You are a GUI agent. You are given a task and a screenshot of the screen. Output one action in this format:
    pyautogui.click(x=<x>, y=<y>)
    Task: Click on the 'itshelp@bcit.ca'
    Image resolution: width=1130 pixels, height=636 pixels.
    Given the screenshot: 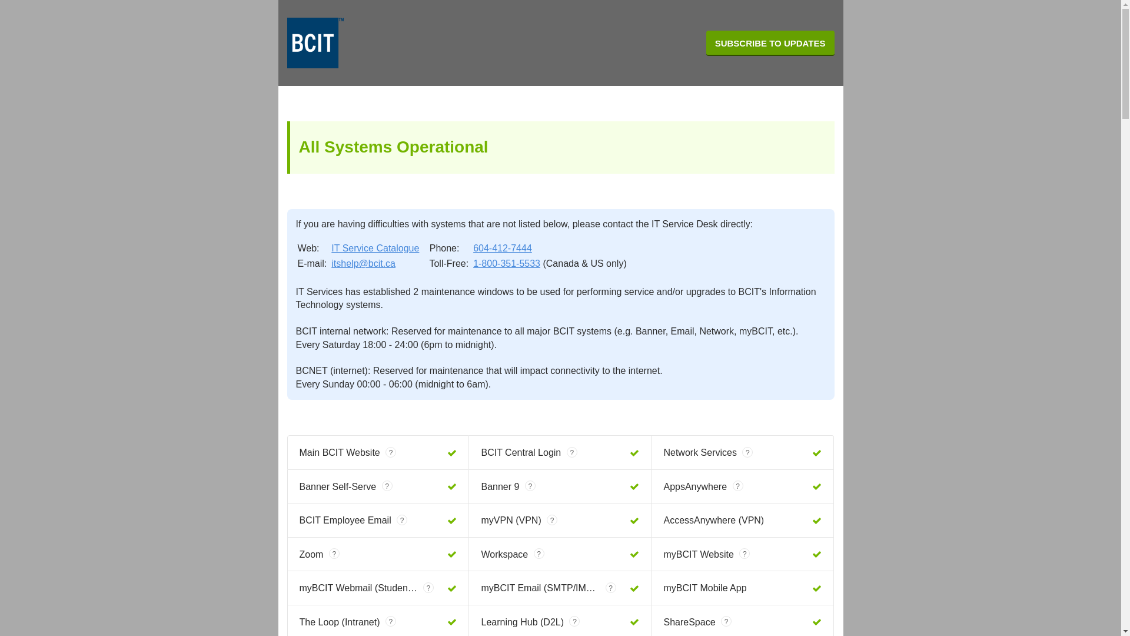 What is the action you would take?
    pyautogui.click(x=363, y=263)
    